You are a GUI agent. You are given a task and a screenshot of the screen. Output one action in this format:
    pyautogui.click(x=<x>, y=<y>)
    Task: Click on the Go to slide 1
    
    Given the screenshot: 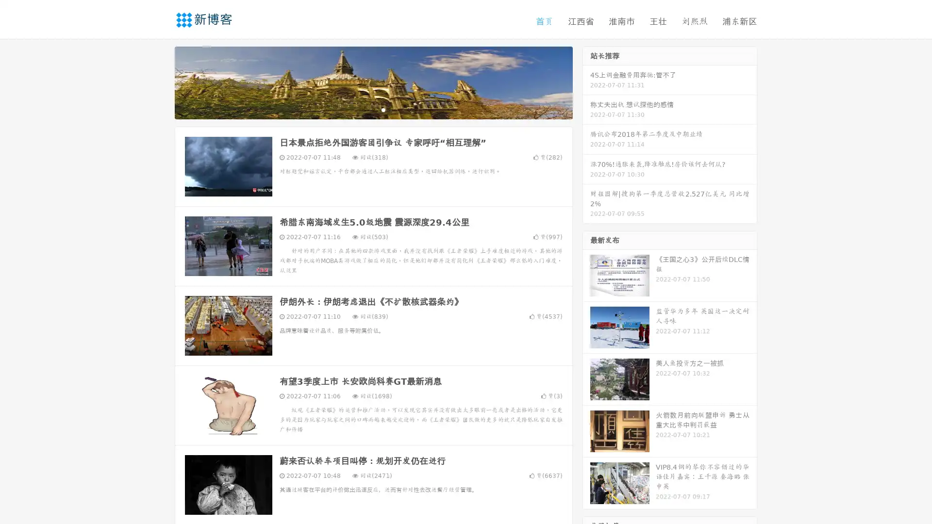 What is the action you would take?
    pyautogui.click(x=363, y=109)
    